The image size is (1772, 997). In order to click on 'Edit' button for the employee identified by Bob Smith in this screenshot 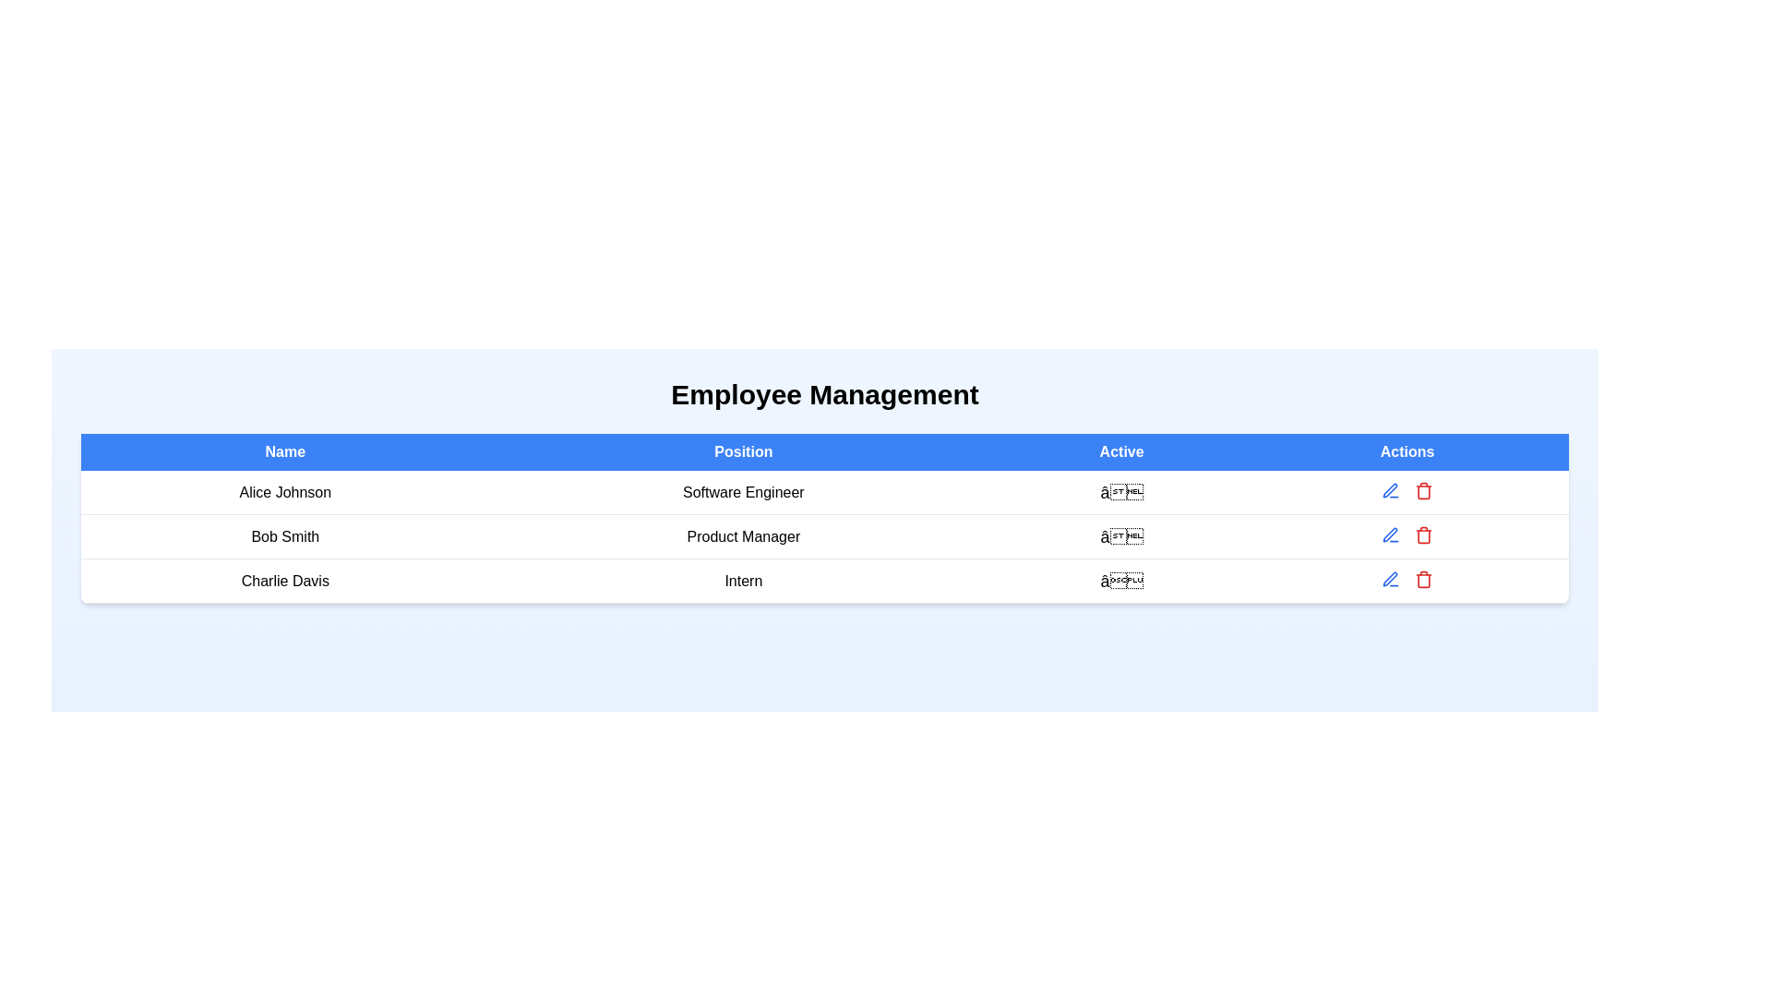, I will do `click(1391, 535)`.